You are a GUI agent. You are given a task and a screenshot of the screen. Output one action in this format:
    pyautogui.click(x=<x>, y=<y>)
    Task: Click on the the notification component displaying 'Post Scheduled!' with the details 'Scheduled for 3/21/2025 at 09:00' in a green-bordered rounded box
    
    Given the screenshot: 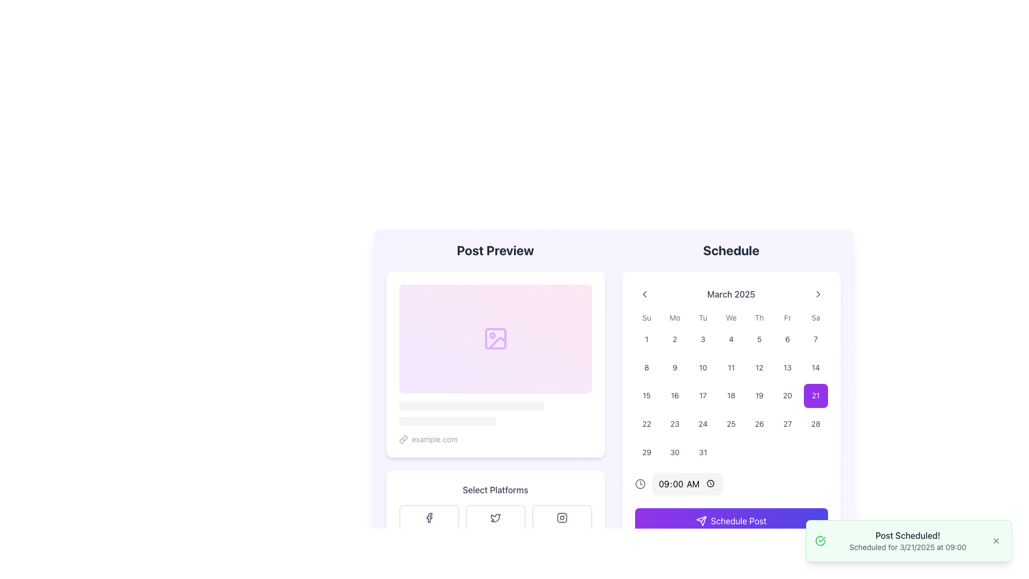 What is the action you would take?
    pyautogui.click(x=907, y=541)
    